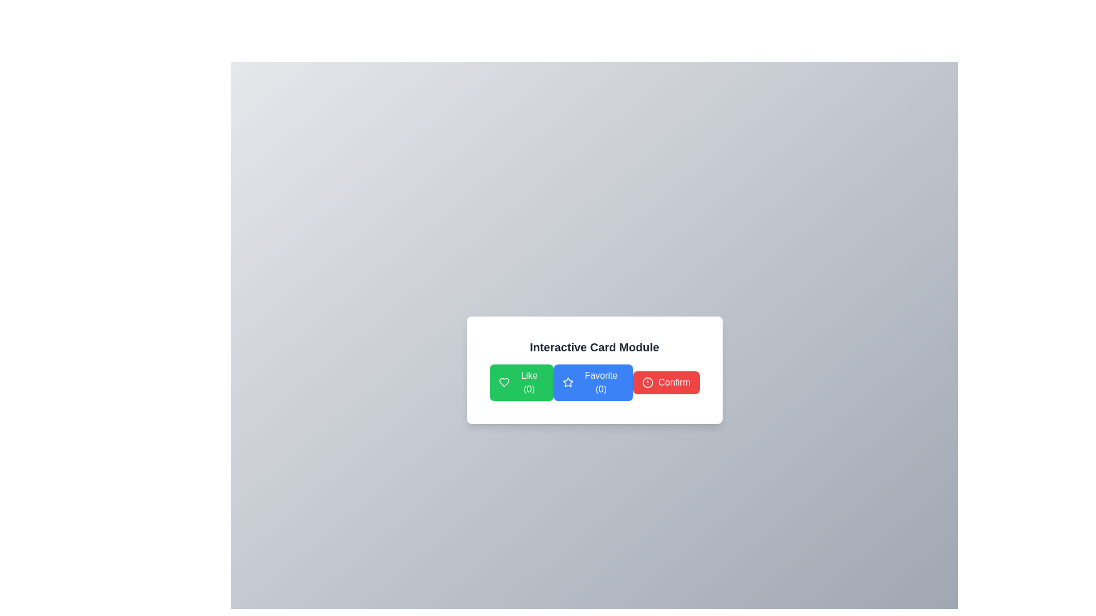 The height and width of the screenshot is (616, 1096). I want to click on the confirm button, so click(666, 383).